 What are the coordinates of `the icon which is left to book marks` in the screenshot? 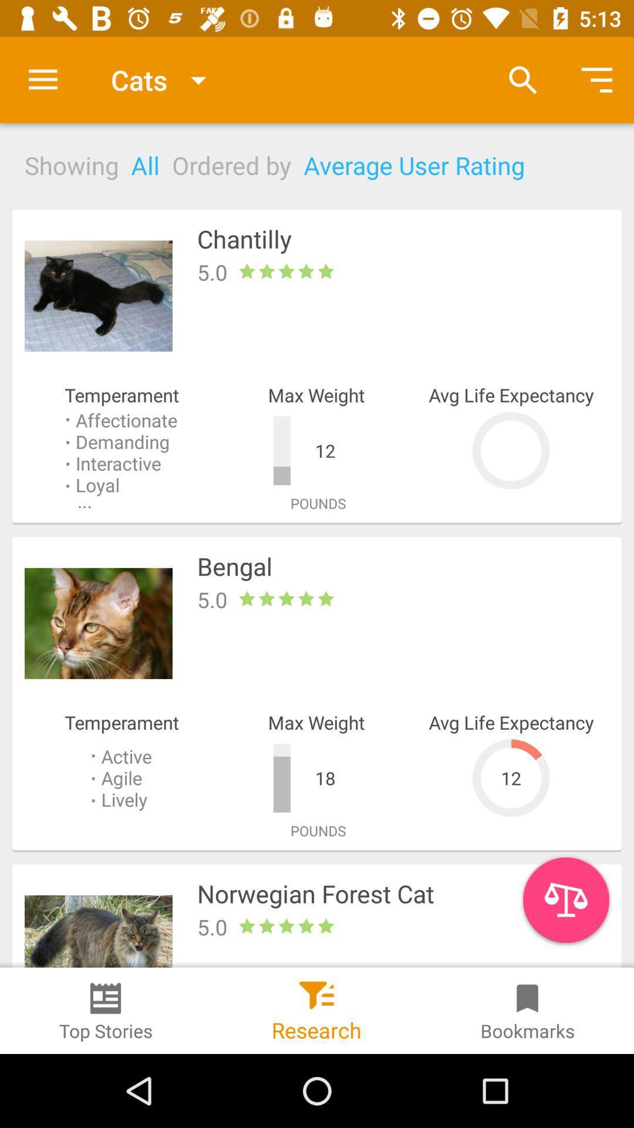 It's located at (316, 990).